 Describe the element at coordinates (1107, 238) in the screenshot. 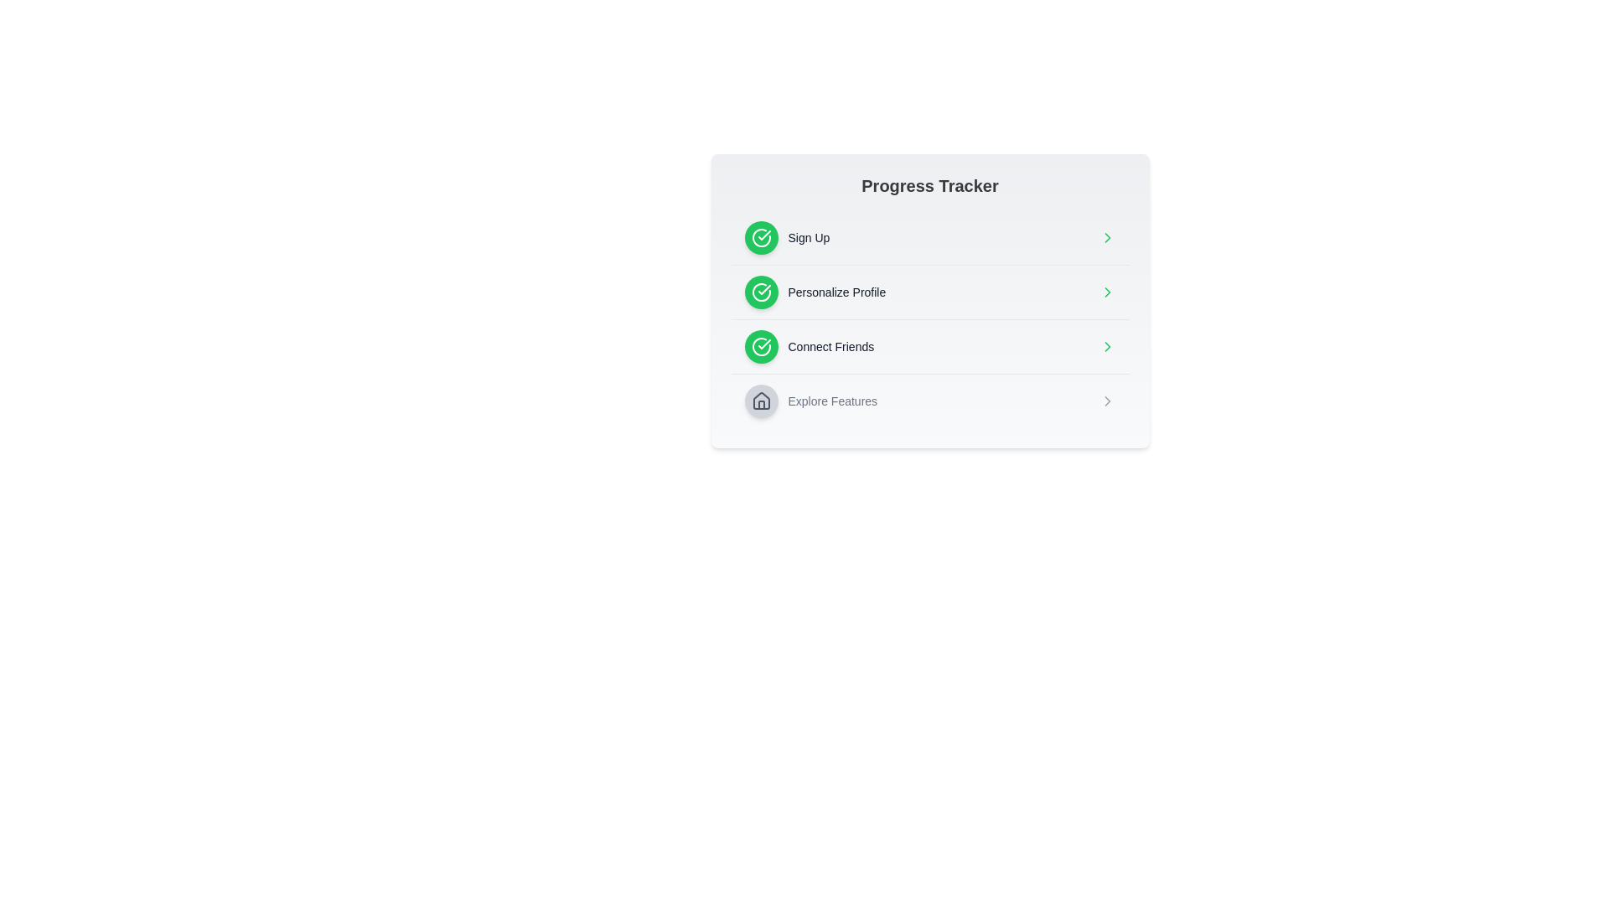

I see `the navigation icon located at the end of the fourth row in the progress tracker interface, aligned with the 'Explore Features' label` at that location.